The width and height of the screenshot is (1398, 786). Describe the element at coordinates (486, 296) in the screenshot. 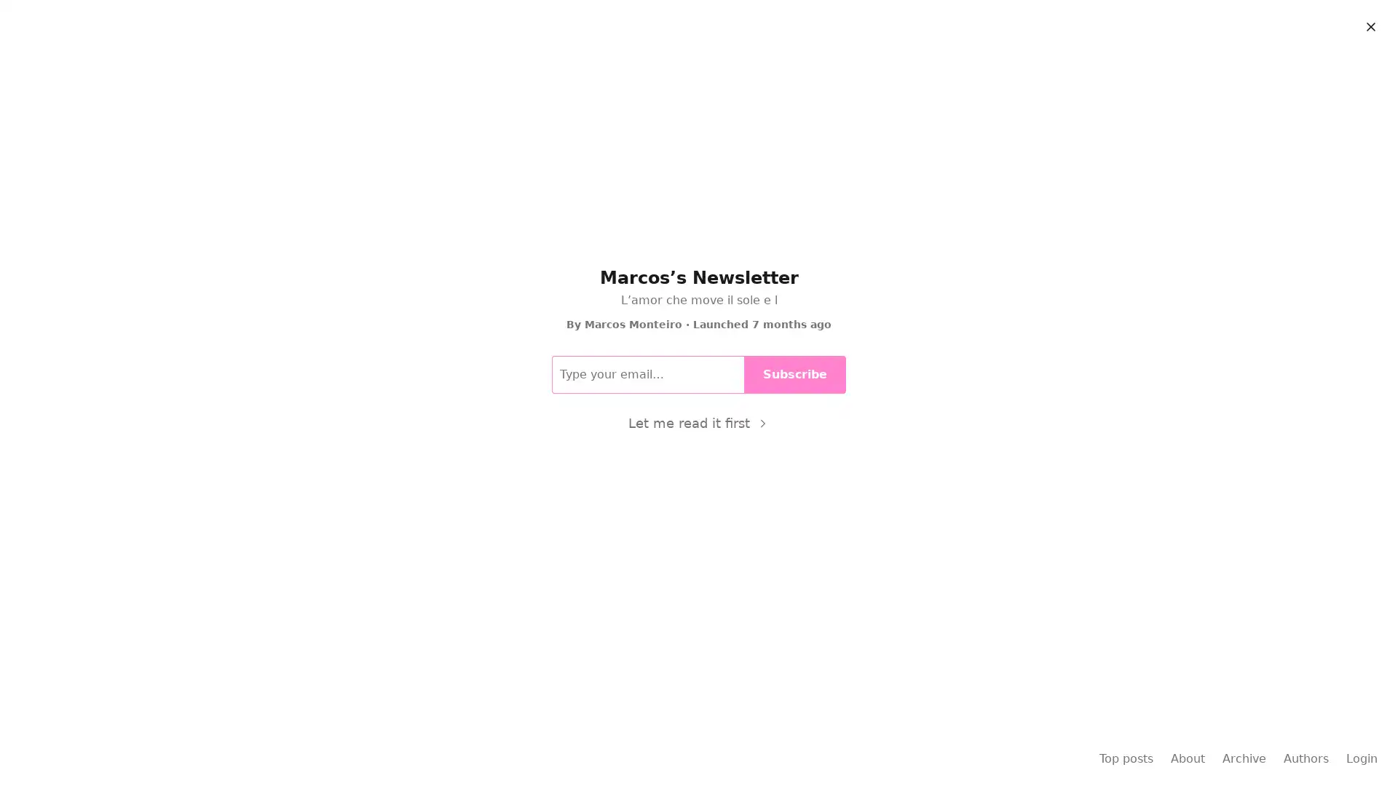

I see `Like this post` at that location.